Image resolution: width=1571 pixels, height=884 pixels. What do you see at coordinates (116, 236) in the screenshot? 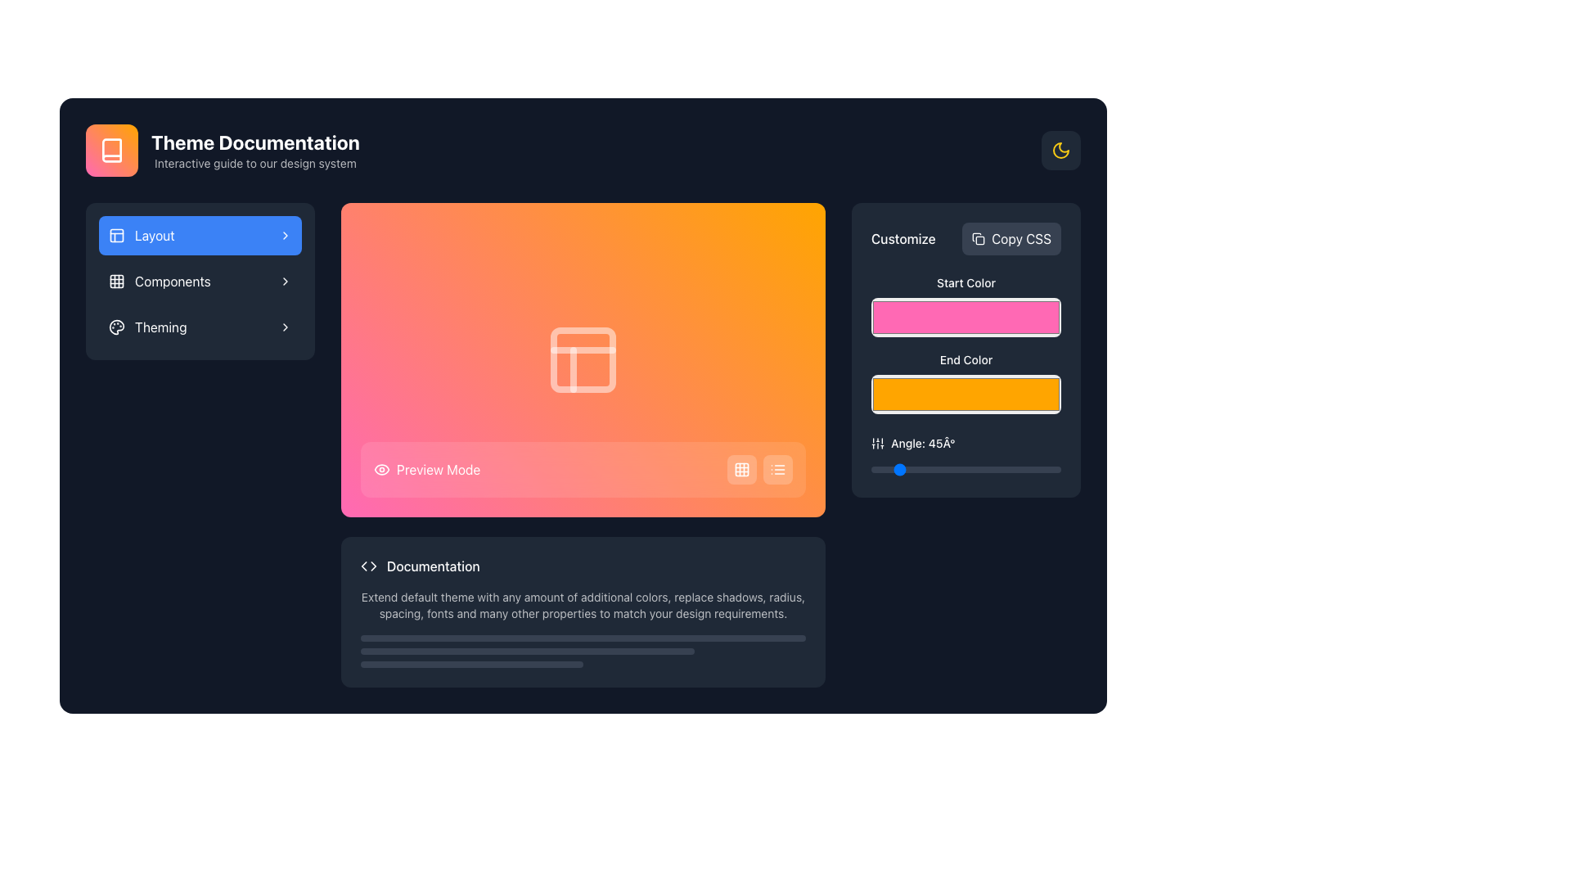
I see `the 'Layout' icon located in the left sidebar, which serves as a visual indicator for the Layout section` at bounding box center [116, 236].